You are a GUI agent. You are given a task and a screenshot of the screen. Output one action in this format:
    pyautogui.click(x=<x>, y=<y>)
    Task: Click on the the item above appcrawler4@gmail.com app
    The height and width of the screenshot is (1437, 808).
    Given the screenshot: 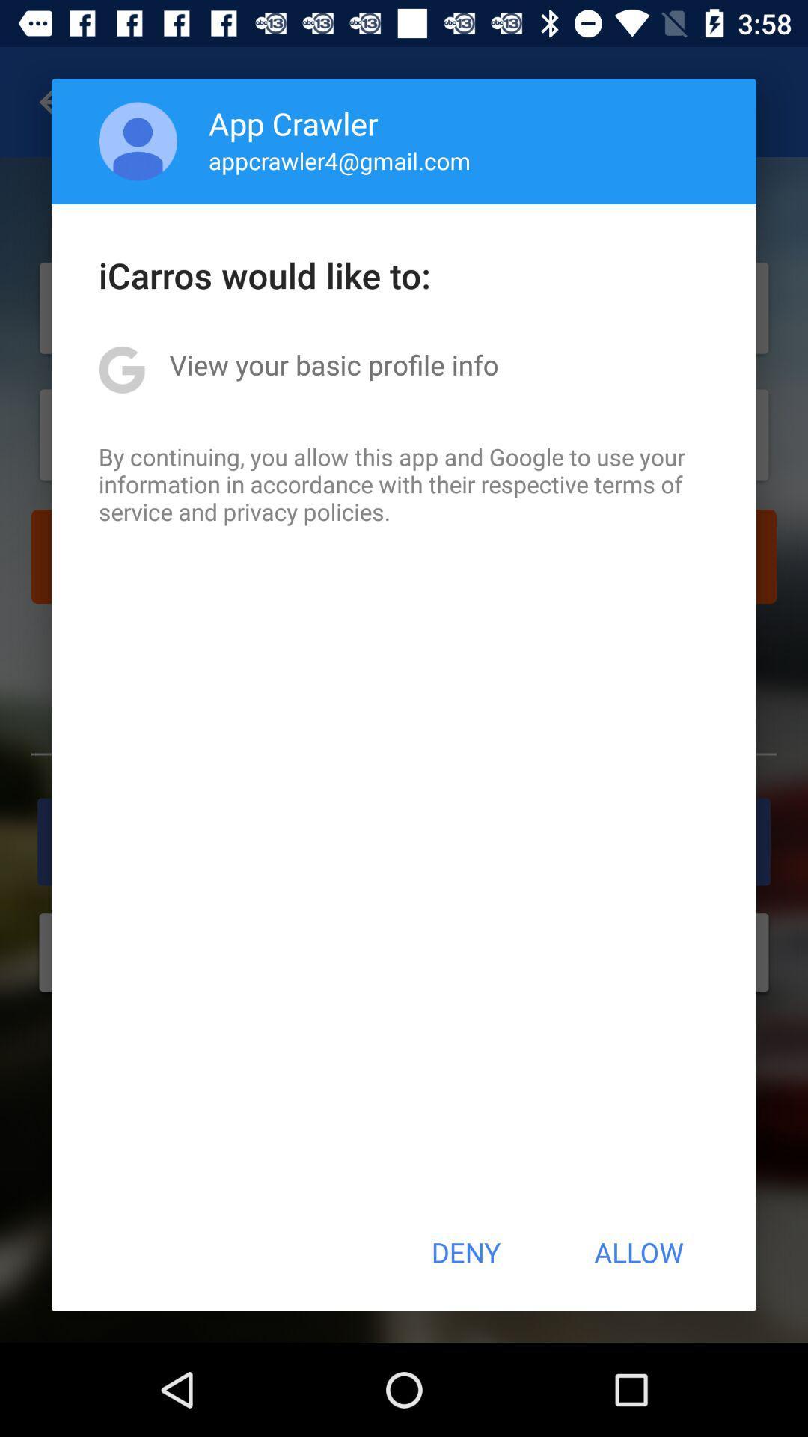 What is the action you would take?
    pyautogui.click(x=293, y=123)
    